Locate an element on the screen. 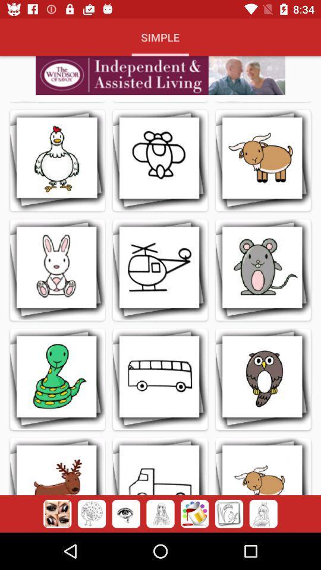 Image resolution: width=321 pixels, height=570 pixels. the fourth image which is above the navigation bar is located at coordinates (160, 514).